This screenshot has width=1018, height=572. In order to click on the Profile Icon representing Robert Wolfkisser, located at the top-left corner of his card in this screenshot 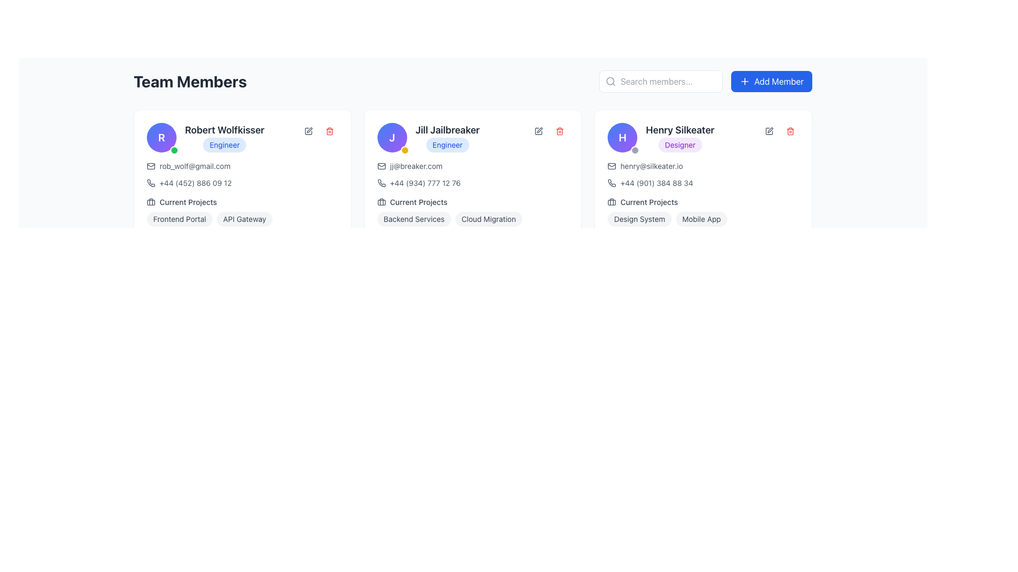, I will do `click(161, 137)`.